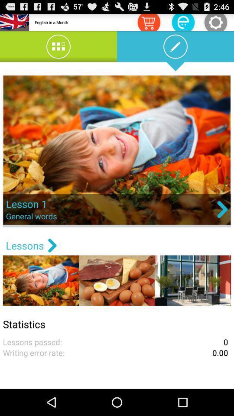 The image size is (234, 416). Describe the element at coordinates (148, 23) in the screenshot. I see `the cart icon` at that location.